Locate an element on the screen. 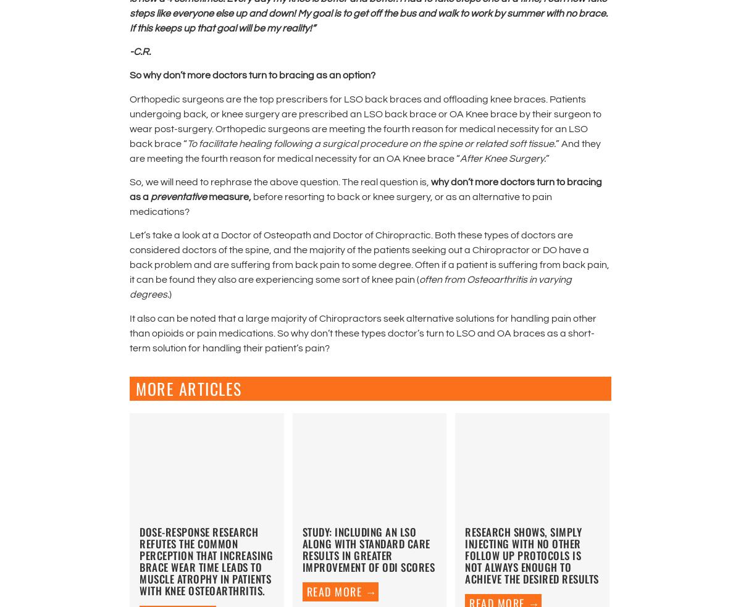 The height and width of the screenshot is (607, 741). 'Let’s take a look at a Doctor of Osteopath and Doctor of Chiropractic. Both these types of doctors are considered doctors of the spine, and the majority of the patients seeking out a Chiropractor or DO have a back problem and are suffering from back pain to some degree. Often if a patient is suffering from back pain, it can be found they also are experiencing some sort of knee pain (' is located at coordinates (129, 256).